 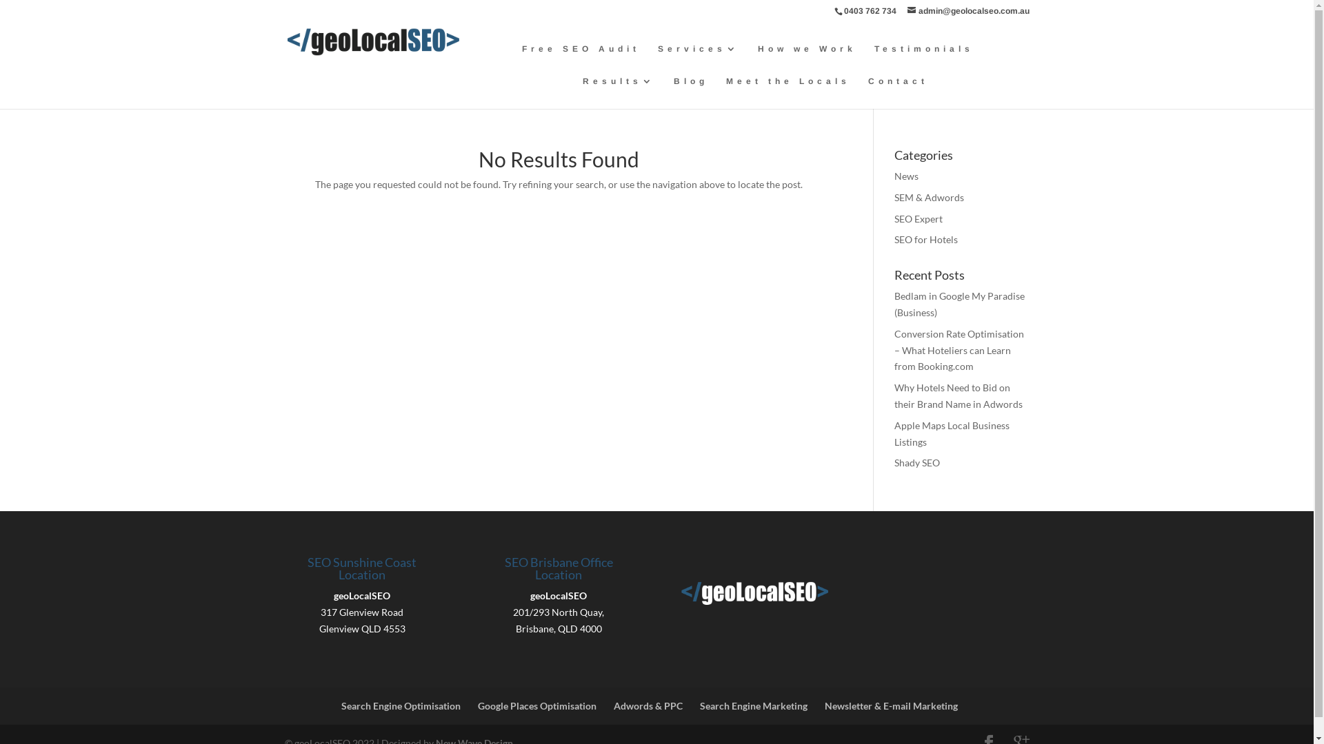 What do you see at coordinates (691, 92) in the screenshot?
I see `'Blog'` at bounding box center [691, 92].